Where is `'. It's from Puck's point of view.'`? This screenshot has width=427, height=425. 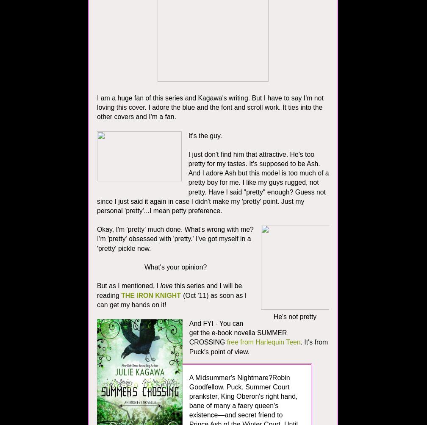 '. It's from Puck's point of view.' is located at coordinates (258, 347).